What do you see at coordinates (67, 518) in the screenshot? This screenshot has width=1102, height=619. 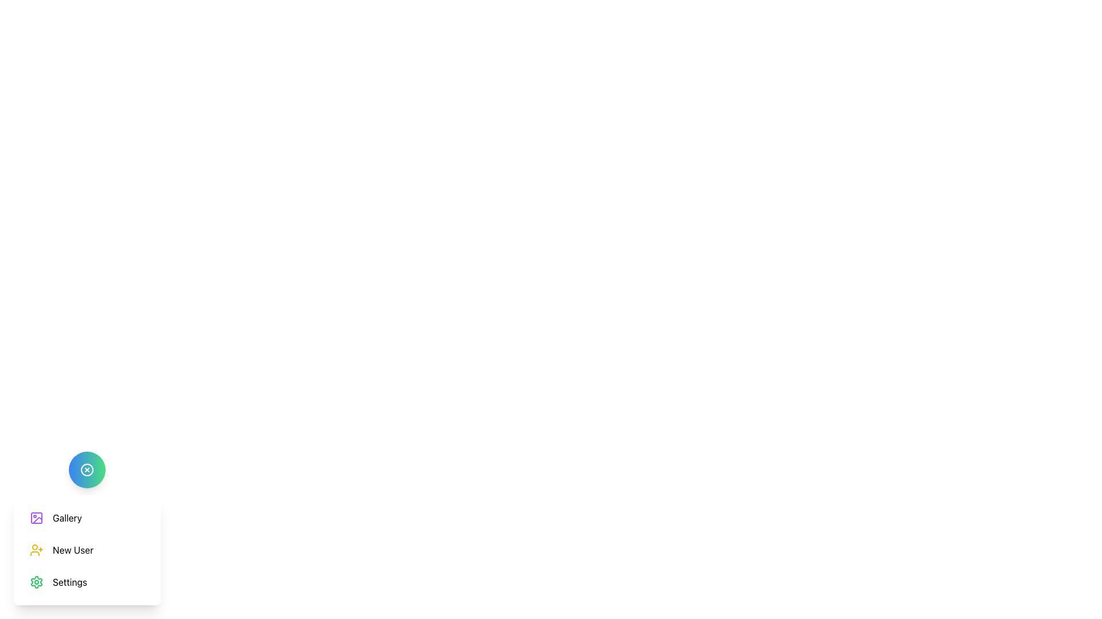 I see `text label 'Gallery' which indicates a section or feature in the menu, located to the right of the purple icon` at bounding box center [67, 518].